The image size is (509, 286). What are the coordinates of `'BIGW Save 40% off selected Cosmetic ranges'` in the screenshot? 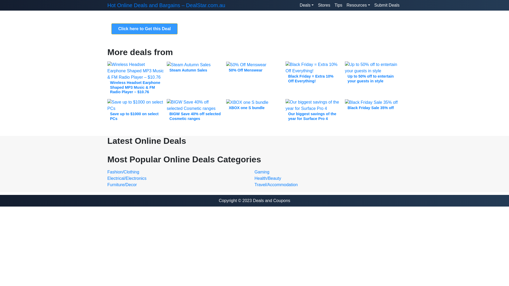 It's located at (195, 111).